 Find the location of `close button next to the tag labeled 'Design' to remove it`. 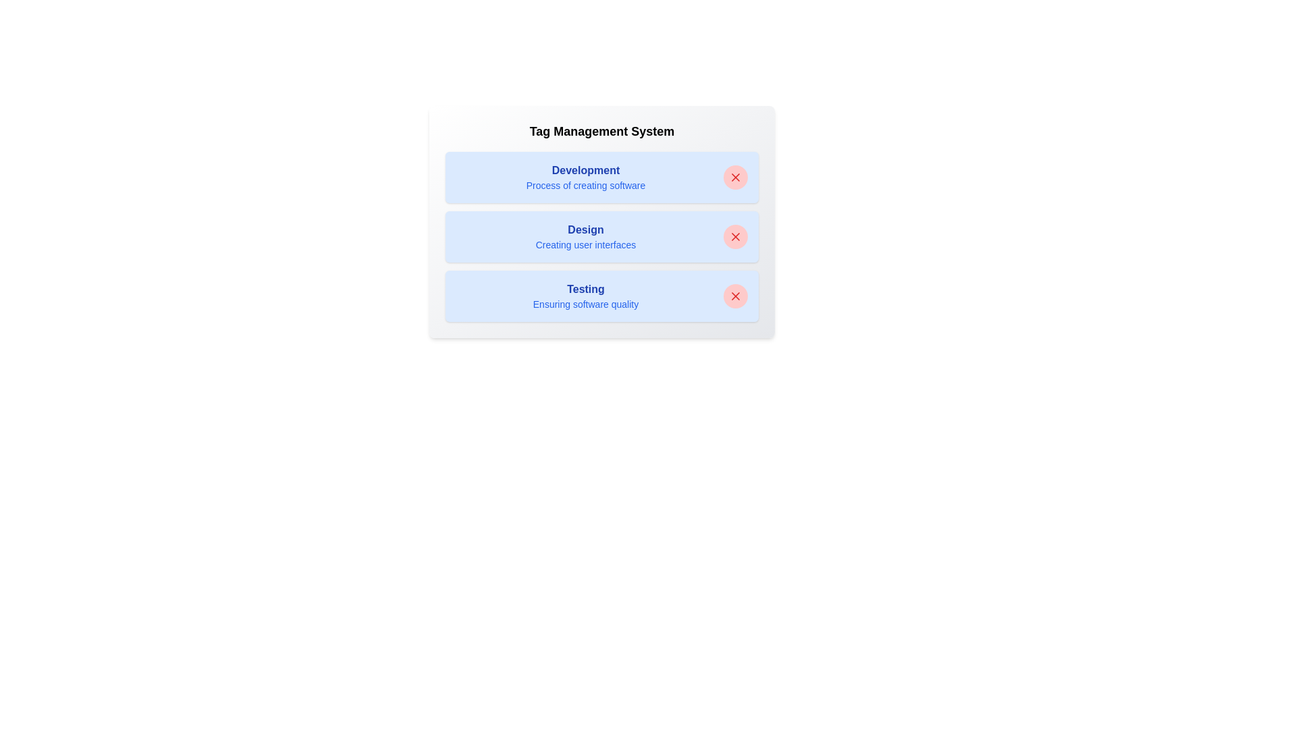

close button next to the tag labeled 'Design' to remove it is located at coordinates (734, 236).